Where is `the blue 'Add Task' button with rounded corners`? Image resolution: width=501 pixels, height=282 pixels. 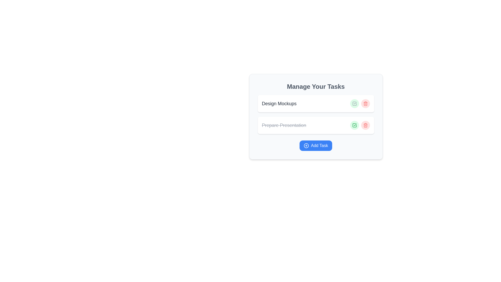 the blue 'Add Task' button with rounded corners is located at coordinates (315, 146).